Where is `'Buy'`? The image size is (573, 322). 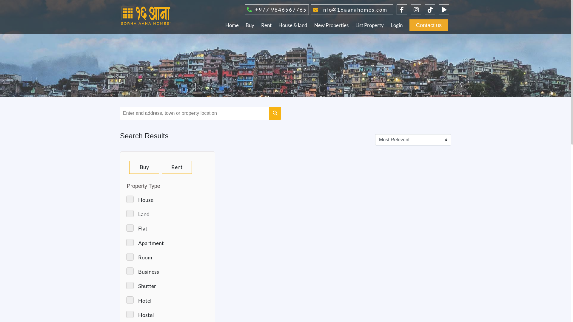
'Buy' is located at coordinates (144, 167).